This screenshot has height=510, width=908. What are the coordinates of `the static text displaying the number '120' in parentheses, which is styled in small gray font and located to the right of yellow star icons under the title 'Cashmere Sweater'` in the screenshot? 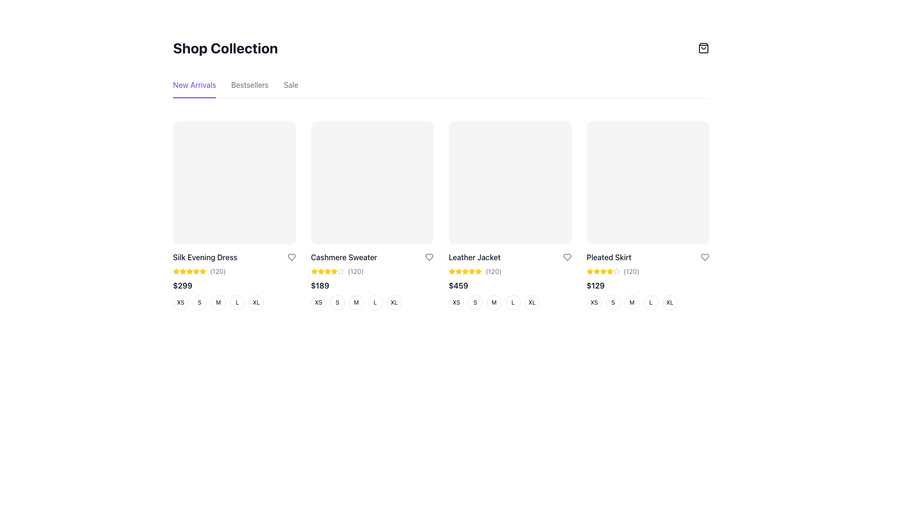 It's located at (217, 271).